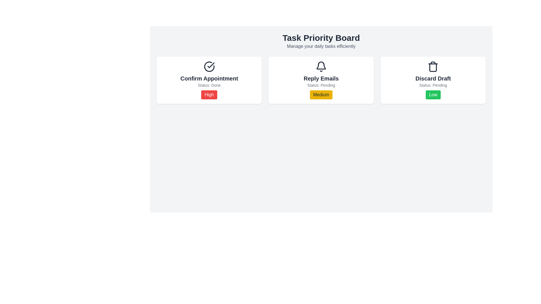 The image size is (541, 304). I want to click on the green rectangular button labeled 'Low' located within the 'Discard Draft' task card, so click(433, 94).